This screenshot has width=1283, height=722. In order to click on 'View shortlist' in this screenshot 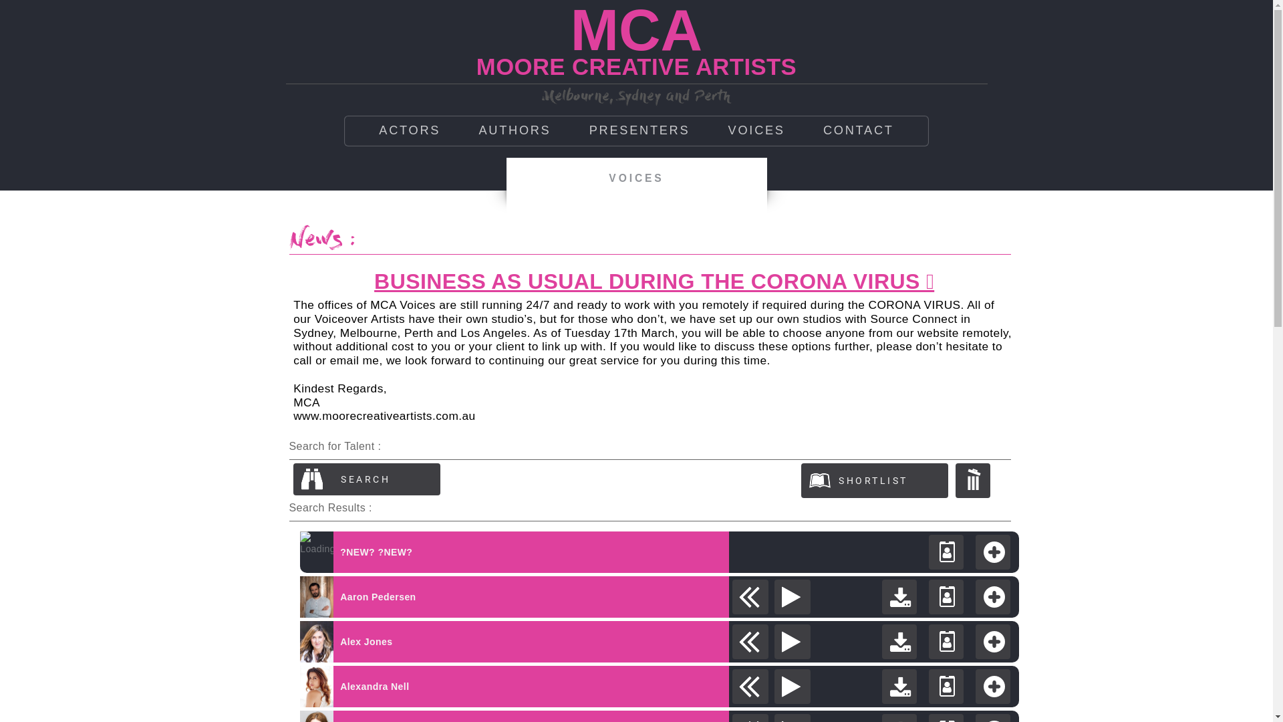, I will do `click(875, 479)`.